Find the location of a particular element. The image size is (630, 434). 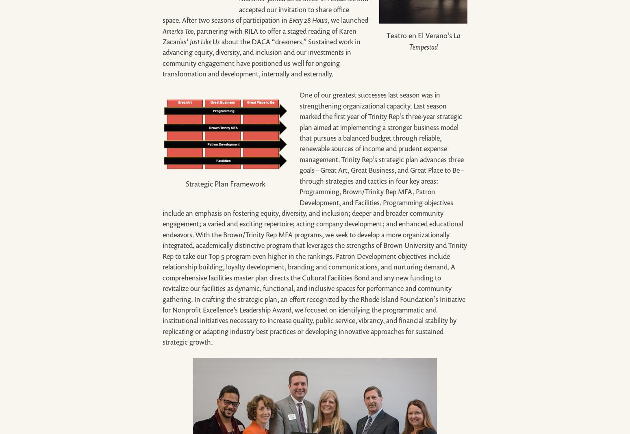

'La Tempestad' is located at coordinates (434, 41).